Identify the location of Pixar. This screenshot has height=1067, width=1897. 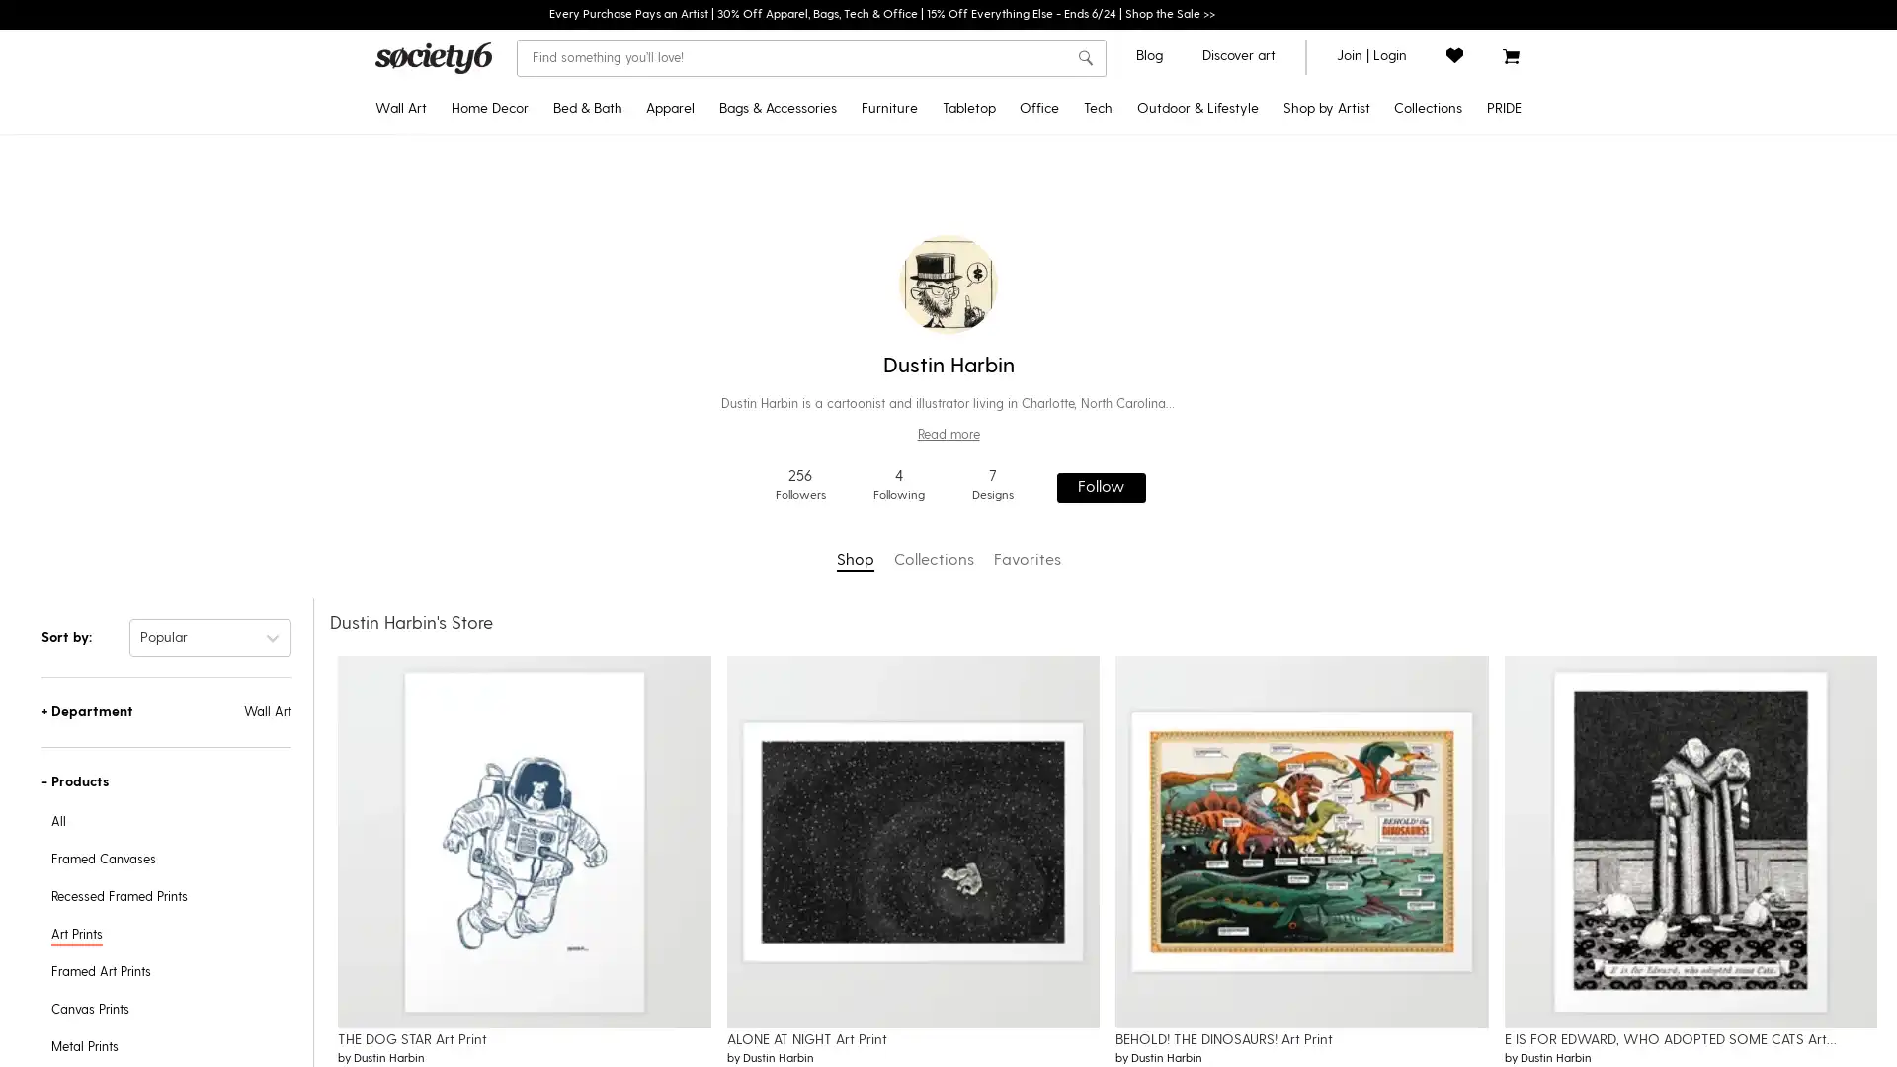
(1273, 221).